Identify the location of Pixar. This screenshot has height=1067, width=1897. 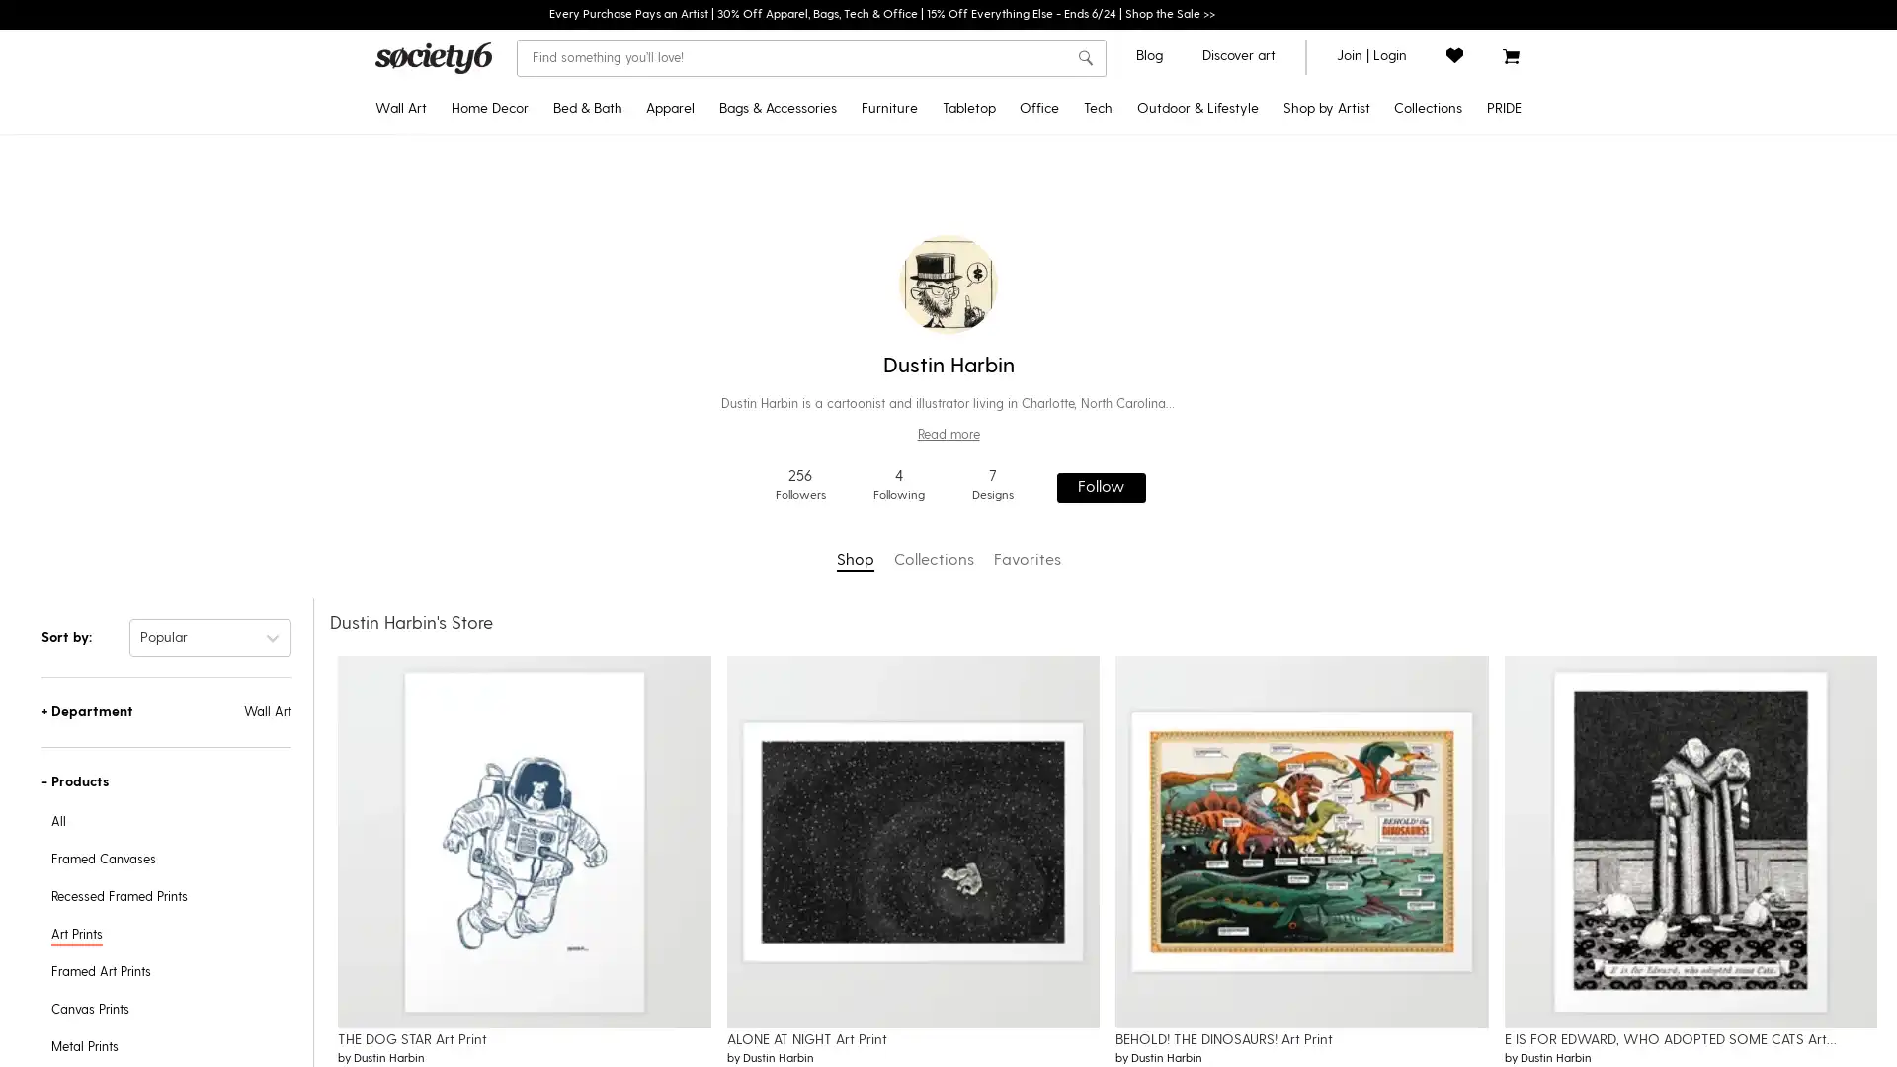
(1273, 221).